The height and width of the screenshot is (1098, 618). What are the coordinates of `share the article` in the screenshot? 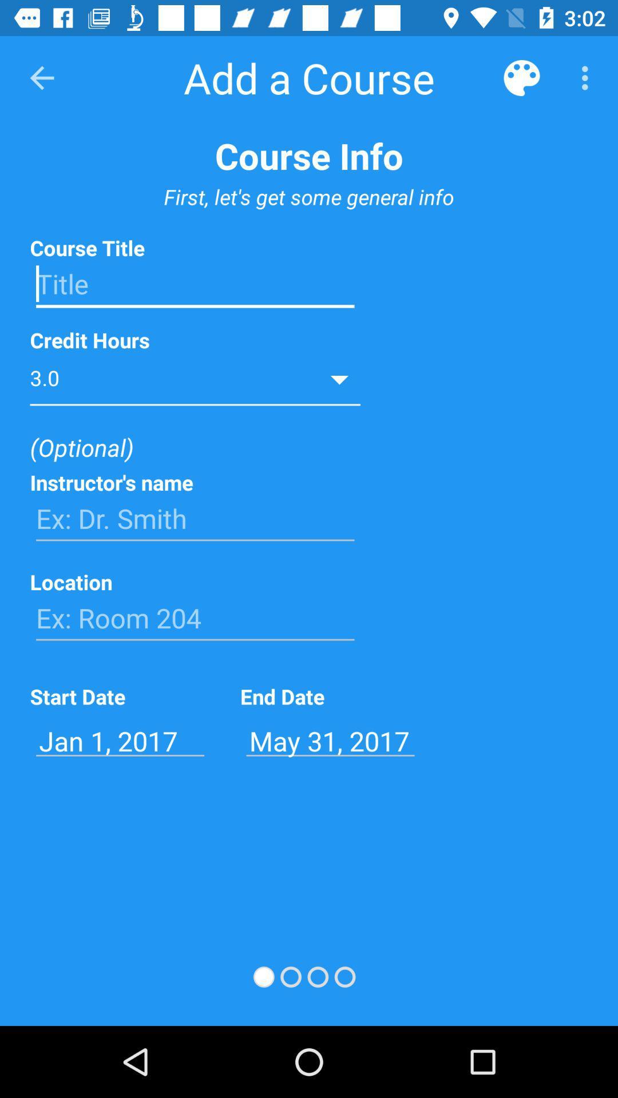 It's located at (195, 284).